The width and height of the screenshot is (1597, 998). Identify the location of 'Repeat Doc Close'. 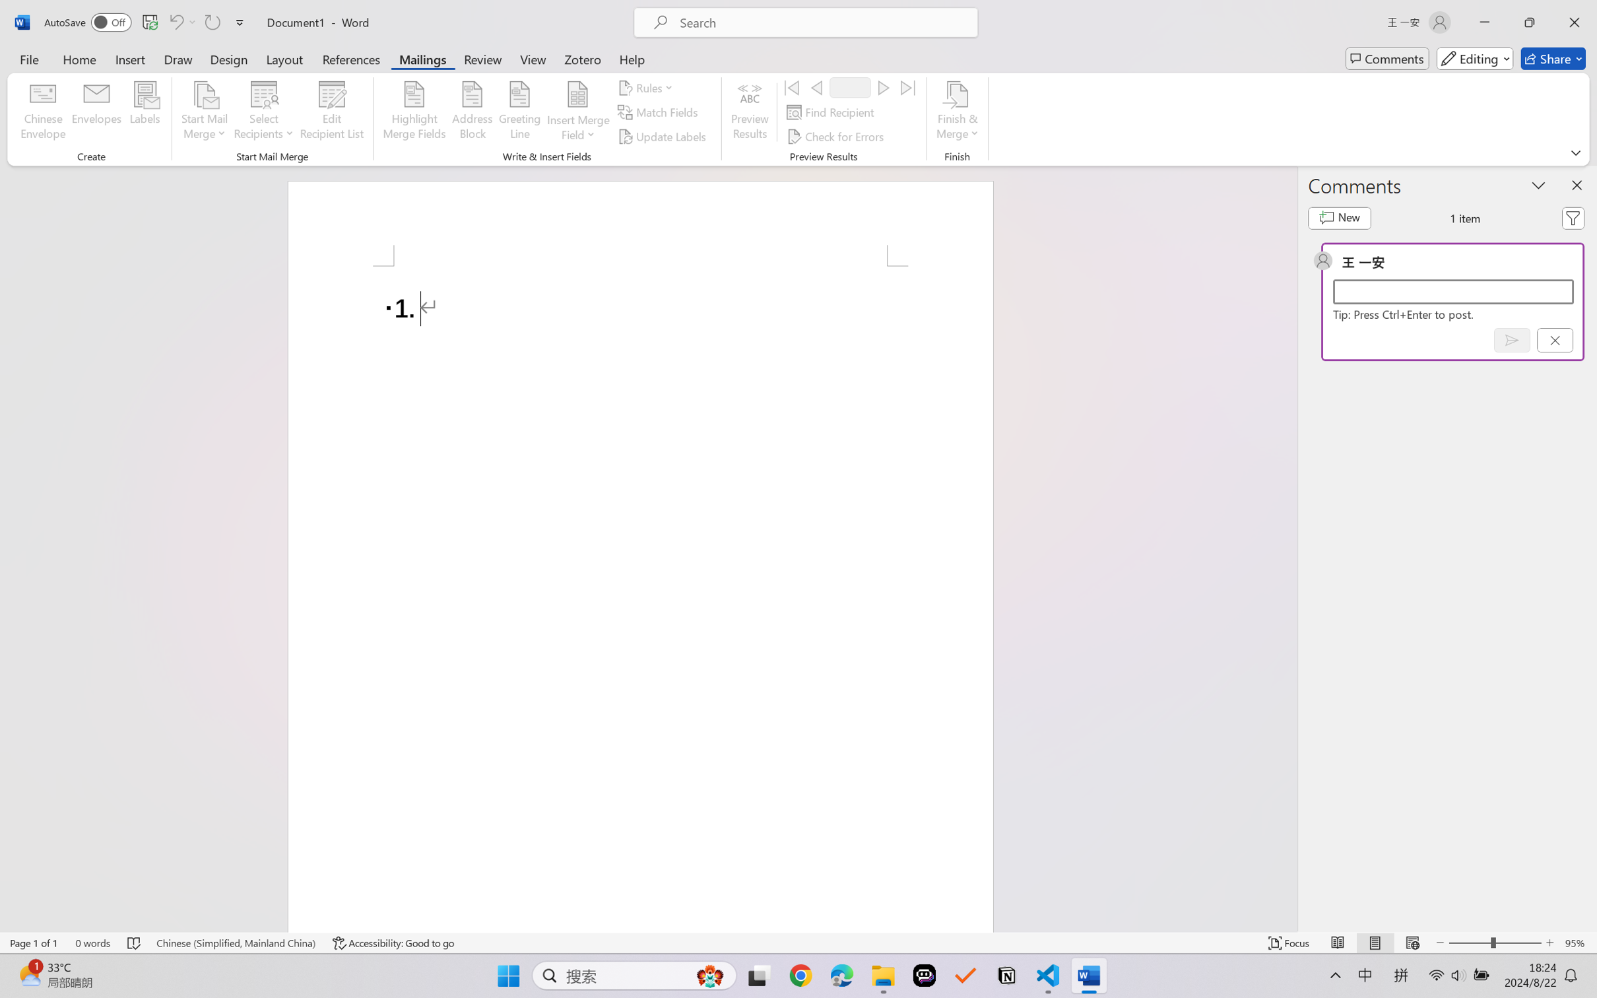
(211, 22).